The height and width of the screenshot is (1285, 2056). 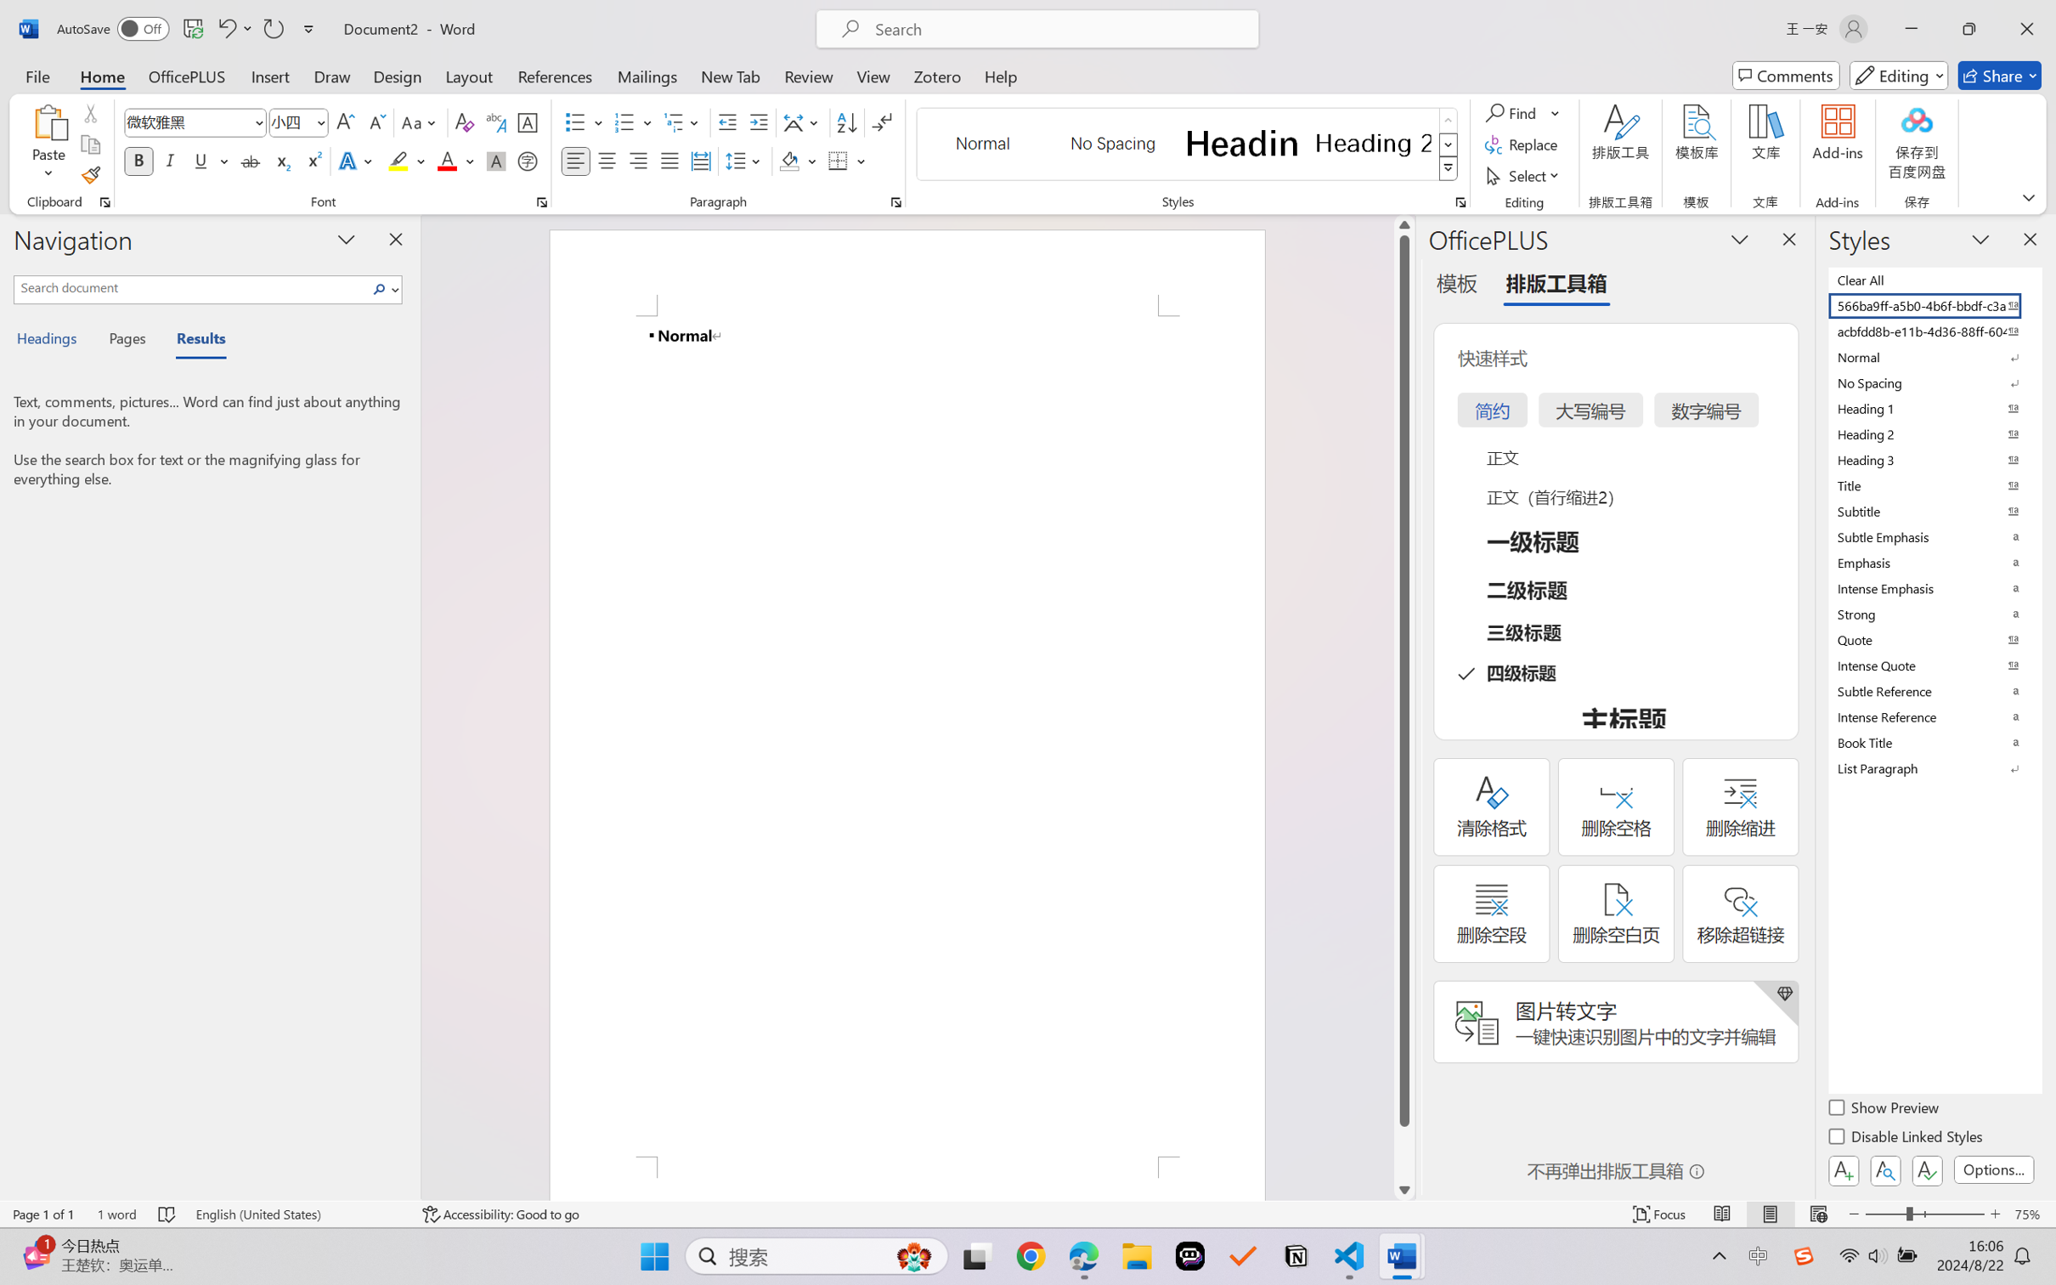 I want to click on 'Search document', so click(x=191, y=286).